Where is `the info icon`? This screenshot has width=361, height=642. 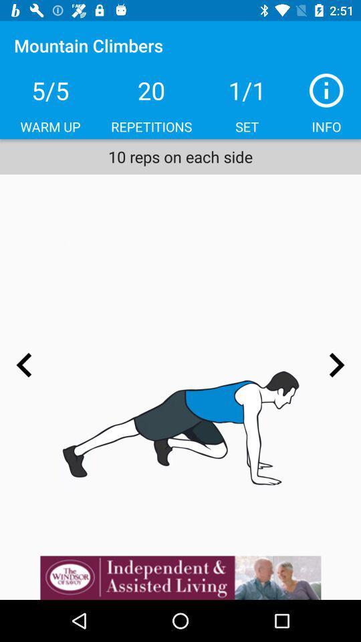 the info icon is located at coordinates (326, 90).